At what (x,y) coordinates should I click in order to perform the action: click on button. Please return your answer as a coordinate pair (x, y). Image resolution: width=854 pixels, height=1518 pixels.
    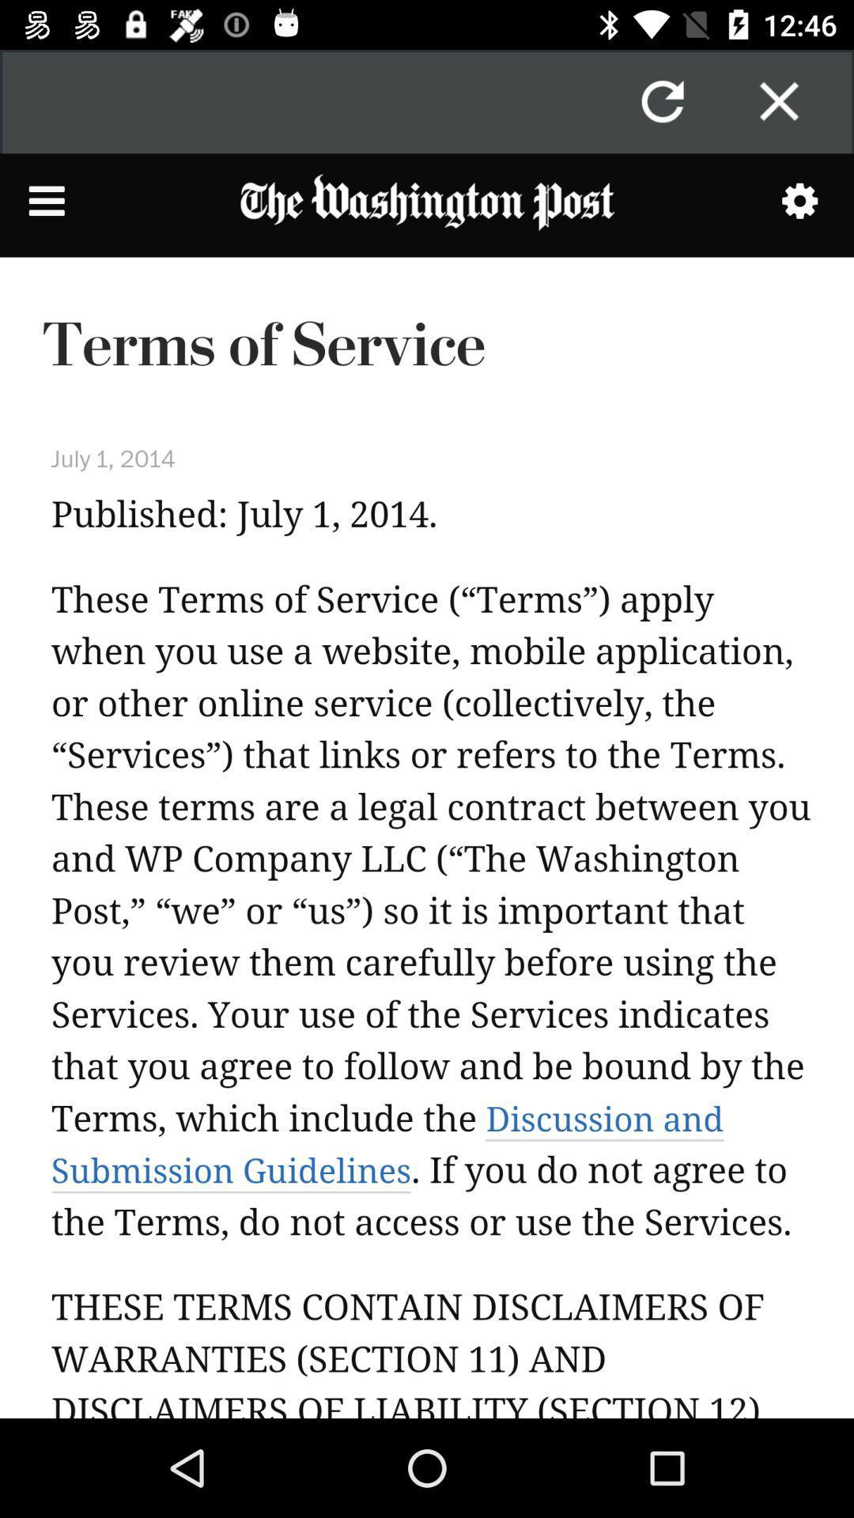
    Looking at the image, I should click on (778, 100).